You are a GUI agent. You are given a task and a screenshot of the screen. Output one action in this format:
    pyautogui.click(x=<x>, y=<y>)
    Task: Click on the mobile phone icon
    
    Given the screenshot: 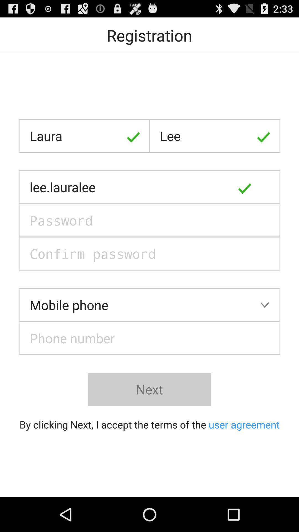 What is the action you would take?
    pyautogui.click(x=149, y=305)
    